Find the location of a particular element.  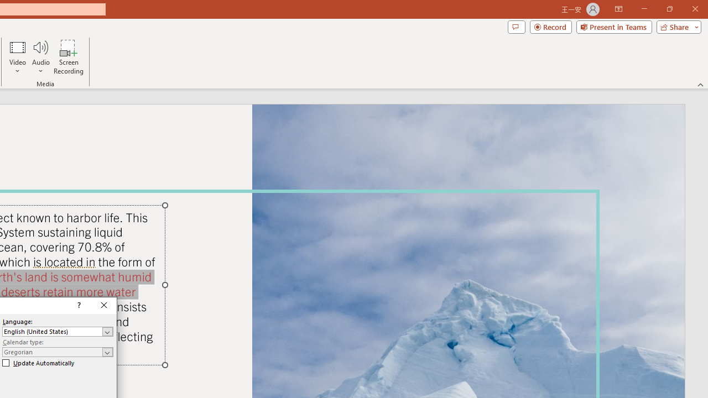

'Video' is located at coordinates (18, 57).